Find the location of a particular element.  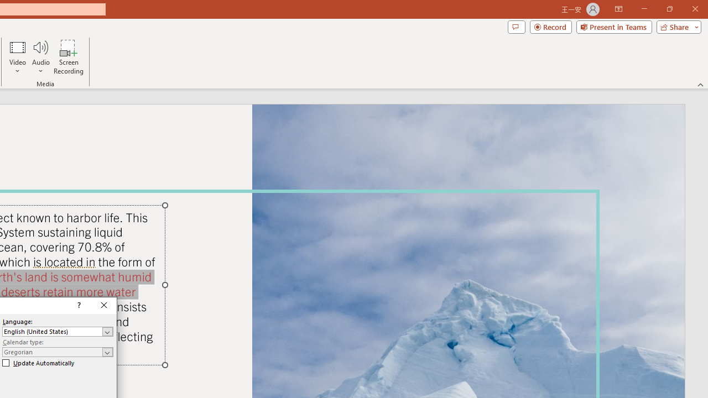

'Video' is located at coordinates (18, 57).